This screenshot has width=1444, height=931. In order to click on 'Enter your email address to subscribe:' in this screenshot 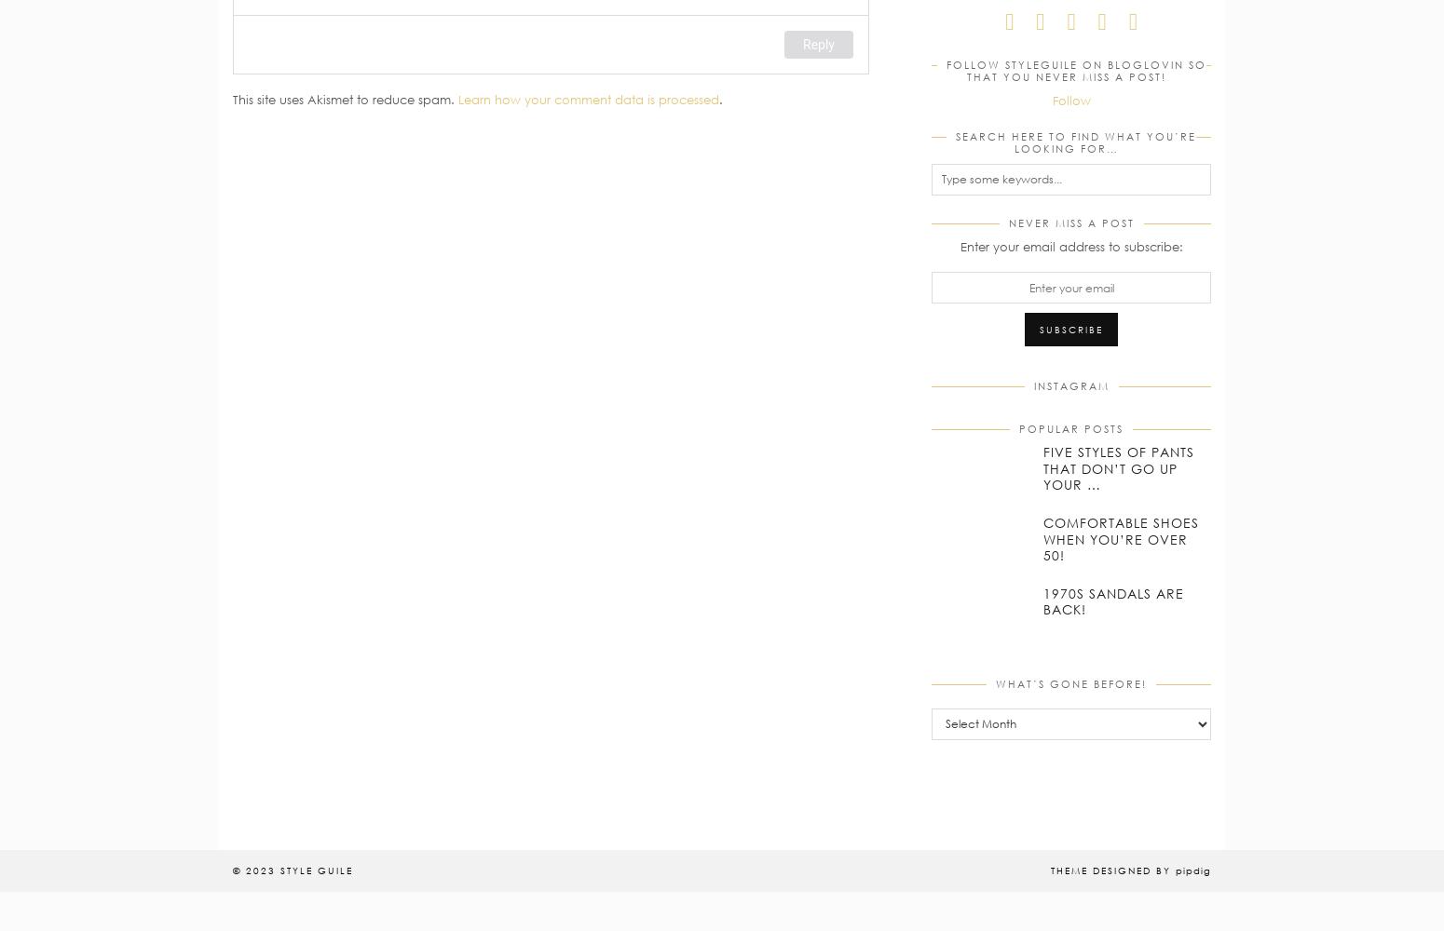, I will do `click(1069, 246)`.